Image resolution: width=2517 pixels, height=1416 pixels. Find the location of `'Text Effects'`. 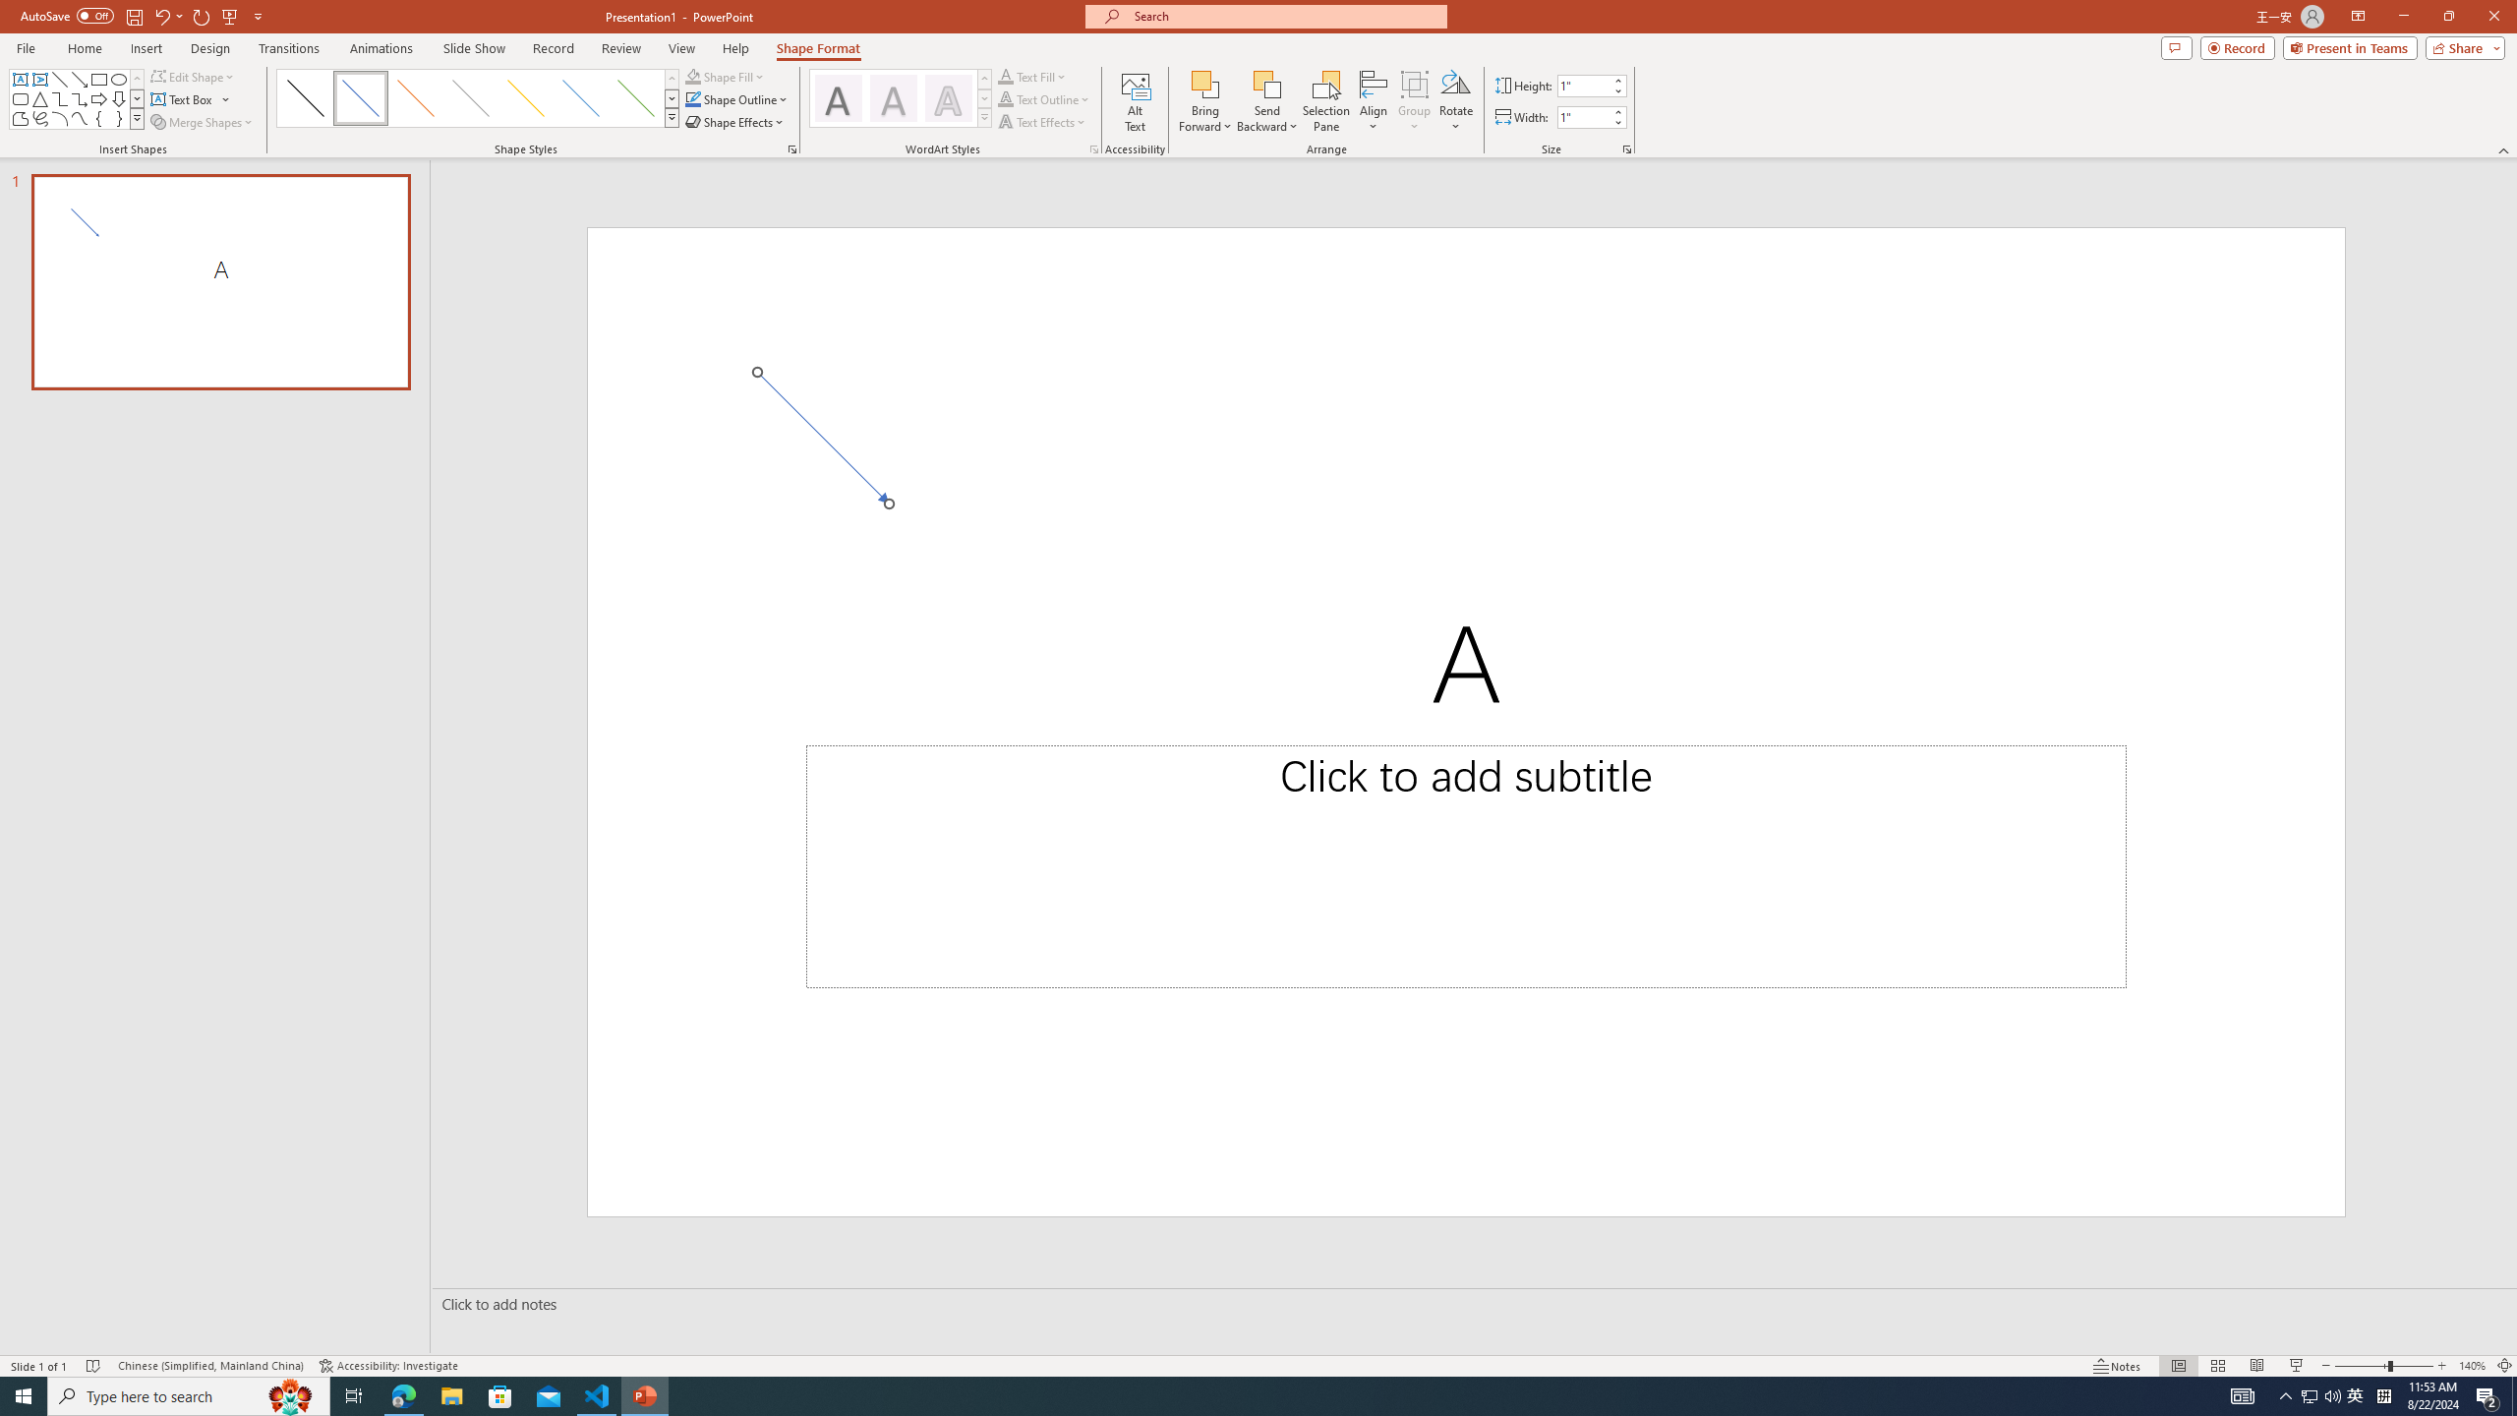

'Text Effects' is located at coordinates (1042, 120).